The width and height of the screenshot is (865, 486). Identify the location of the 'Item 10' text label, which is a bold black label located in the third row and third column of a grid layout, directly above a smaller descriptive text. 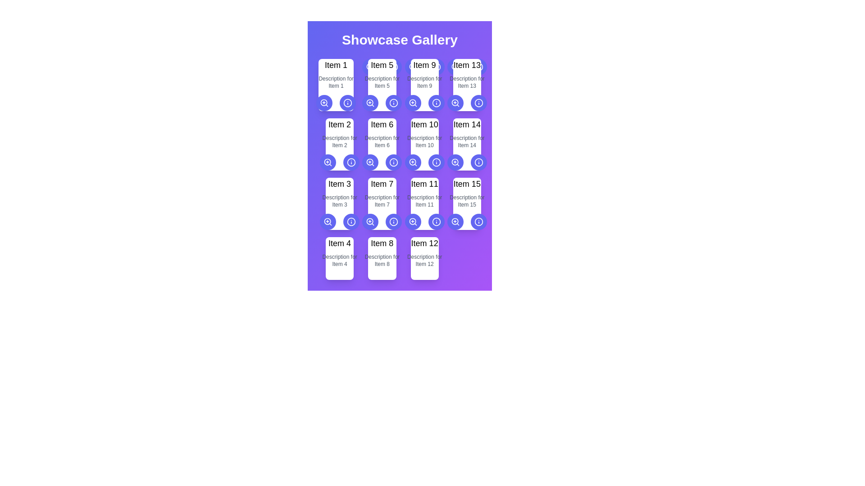
(424, 125).